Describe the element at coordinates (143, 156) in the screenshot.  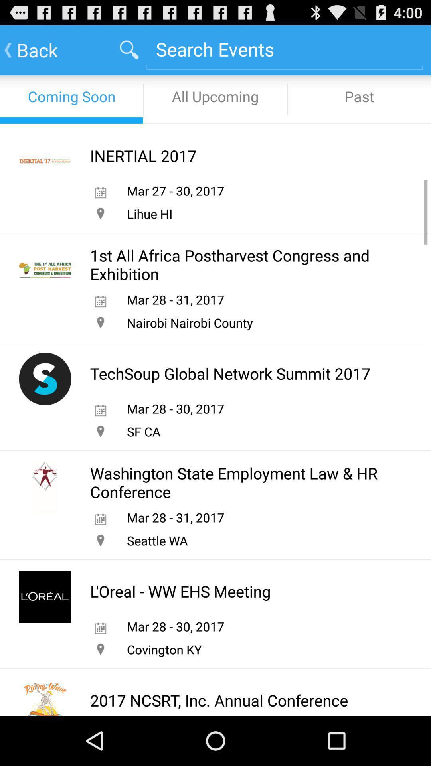
I see `the inertial 2017 icon` at that location.